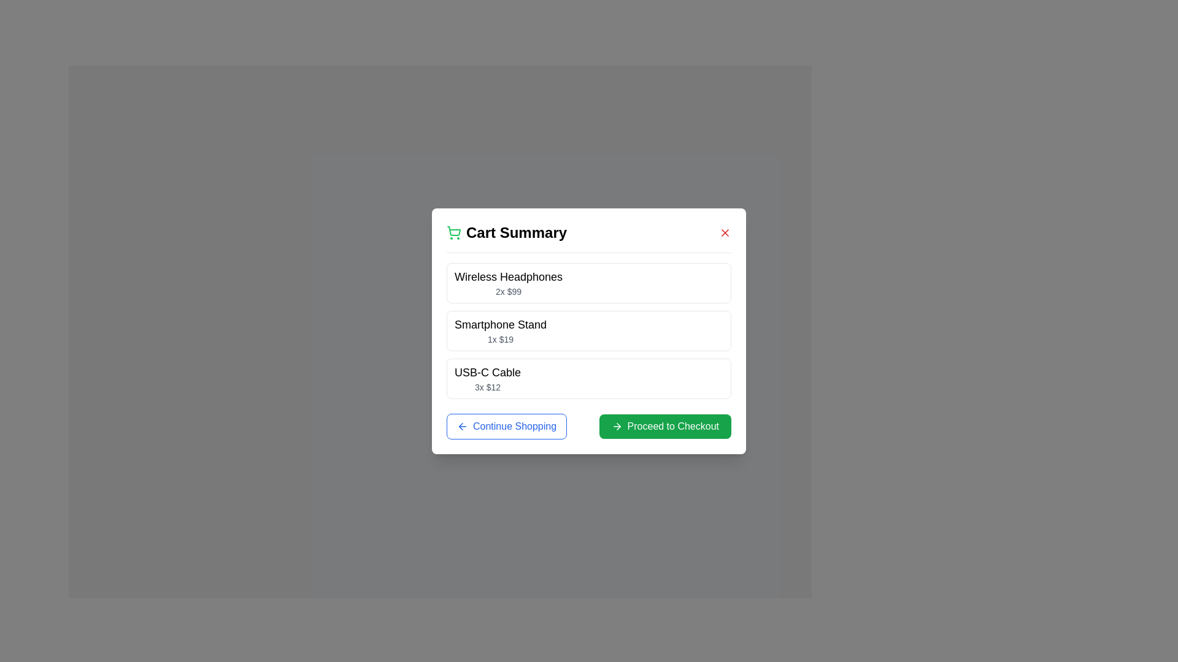 This screenshot has height=662, width=1178. What do you see at coordinates (501, 339) in the screenshot?
I see `the static text label displaying '1x $19', which is located beneath the 'Smartphone Stand' label in the cart summary popup` at bounding box center [501, 339].